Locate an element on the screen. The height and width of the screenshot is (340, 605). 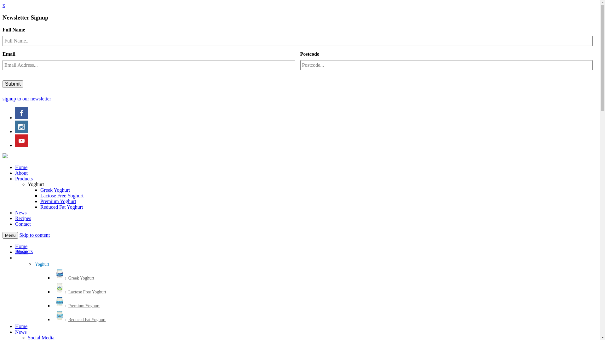
'Recipes' is located at coordinates (15, 218).